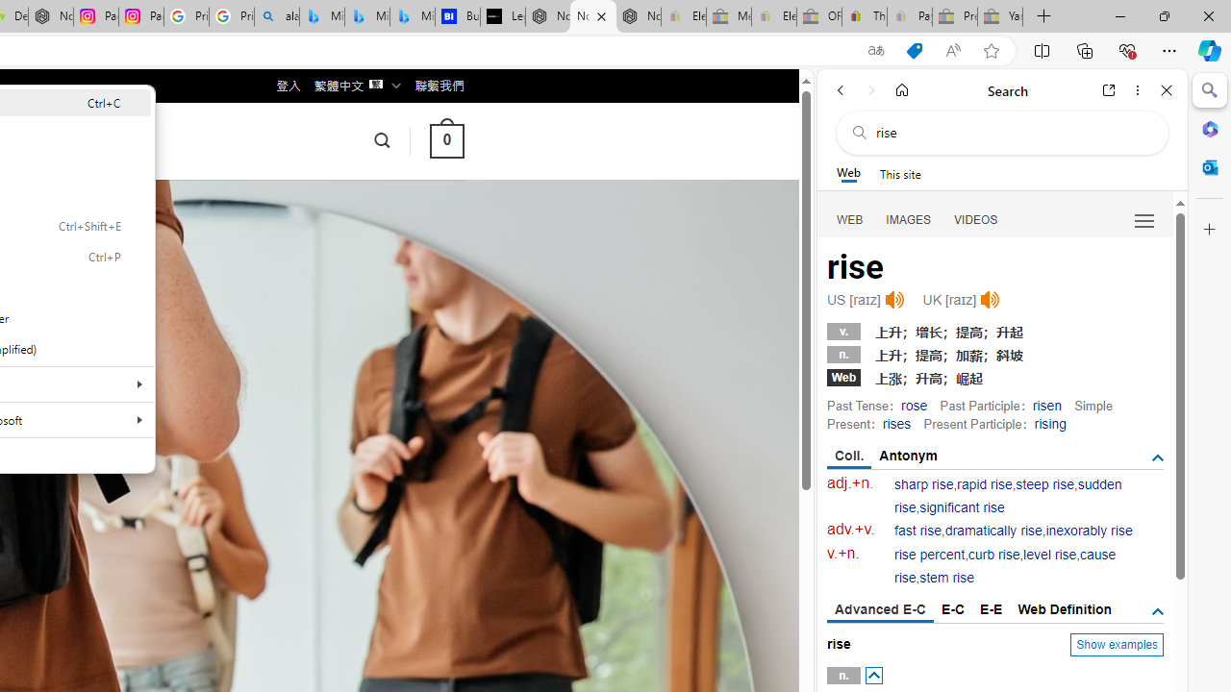  I want to click on 'stem rise', so click(946, 577).